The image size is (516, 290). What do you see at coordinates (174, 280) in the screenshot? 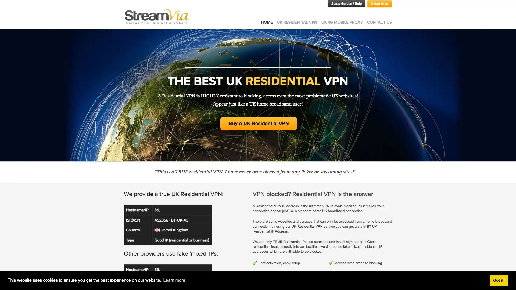
I see `learn more about cookies` at bounding box center [174, 280].